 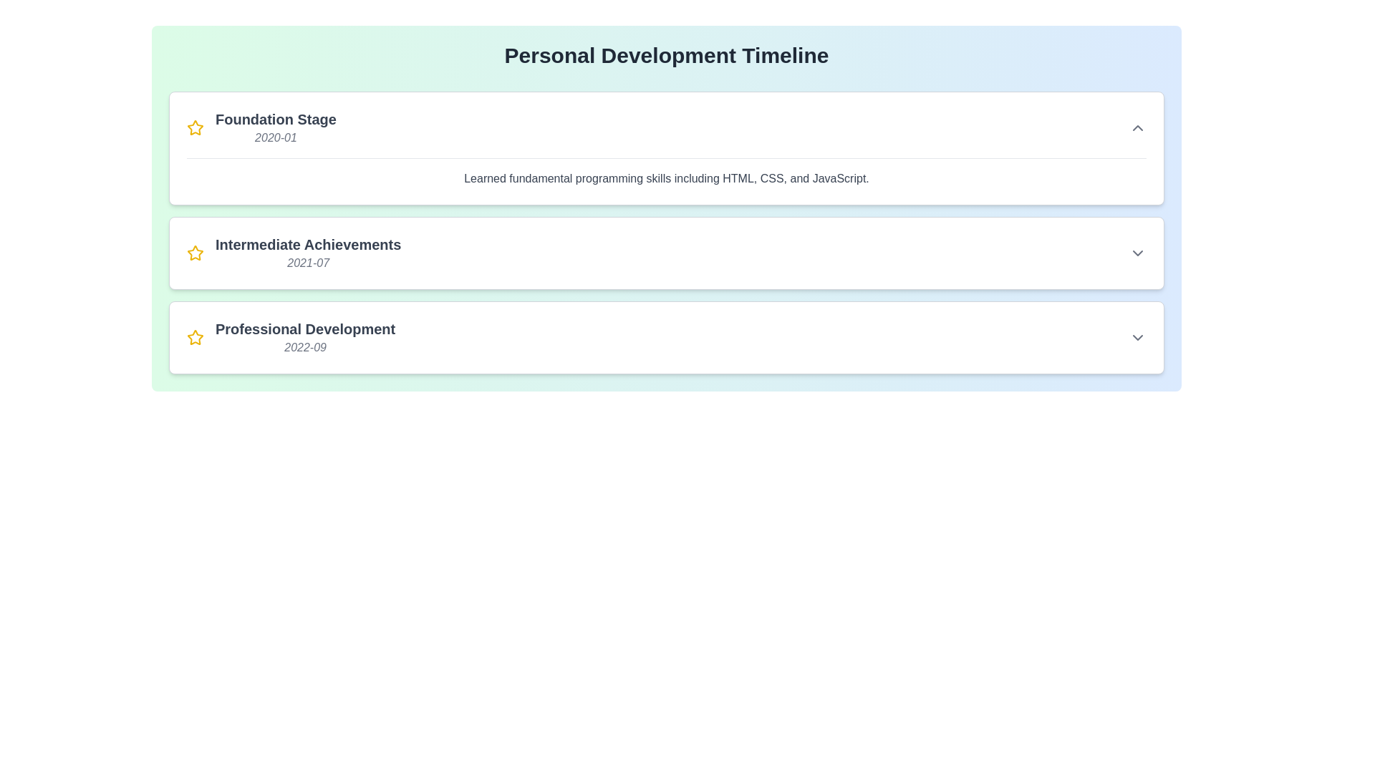 What do you see at coordinates (276, 137) in the screenshot?
I see `text label displaying '2020-01' styled in italic with a gray font color, located beneath the title 'Foundation Stage' in the 'Personal Development Timeline'` at bounding box center [276, 137].